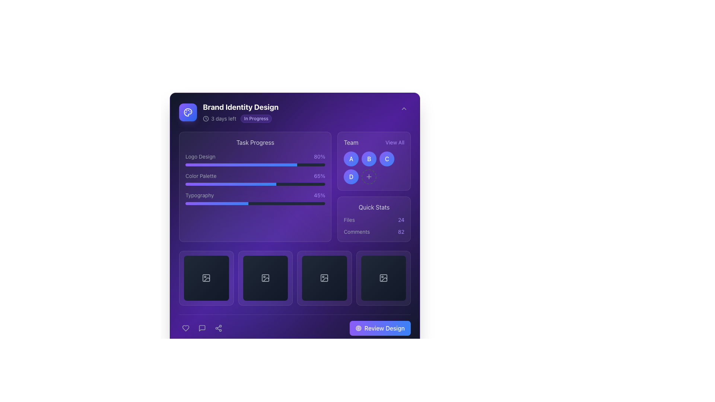 The image size is (715, 402). Describe the element at coordinates (201, 176) in the screenshot. I see `the Text Label that describes the task related to the progress bar, specifically the second task item in the 'Task Progress' section, positioned between 'Logo Design' and 'Typography'` at that location.